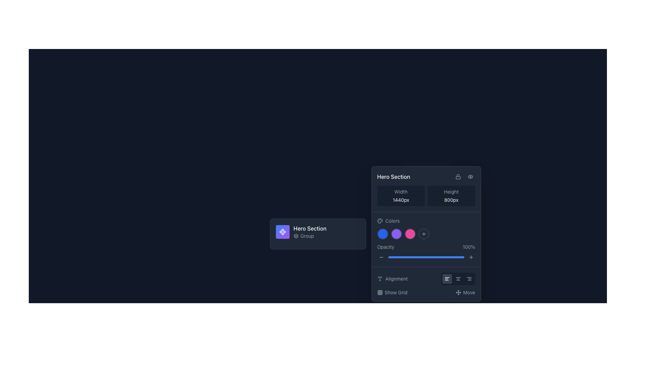 The width and height of the screenshot is (658, 370). What do you see at coordinates (443, 257) in the screenshot?
I see `slider` at bounding box center [443, 257].